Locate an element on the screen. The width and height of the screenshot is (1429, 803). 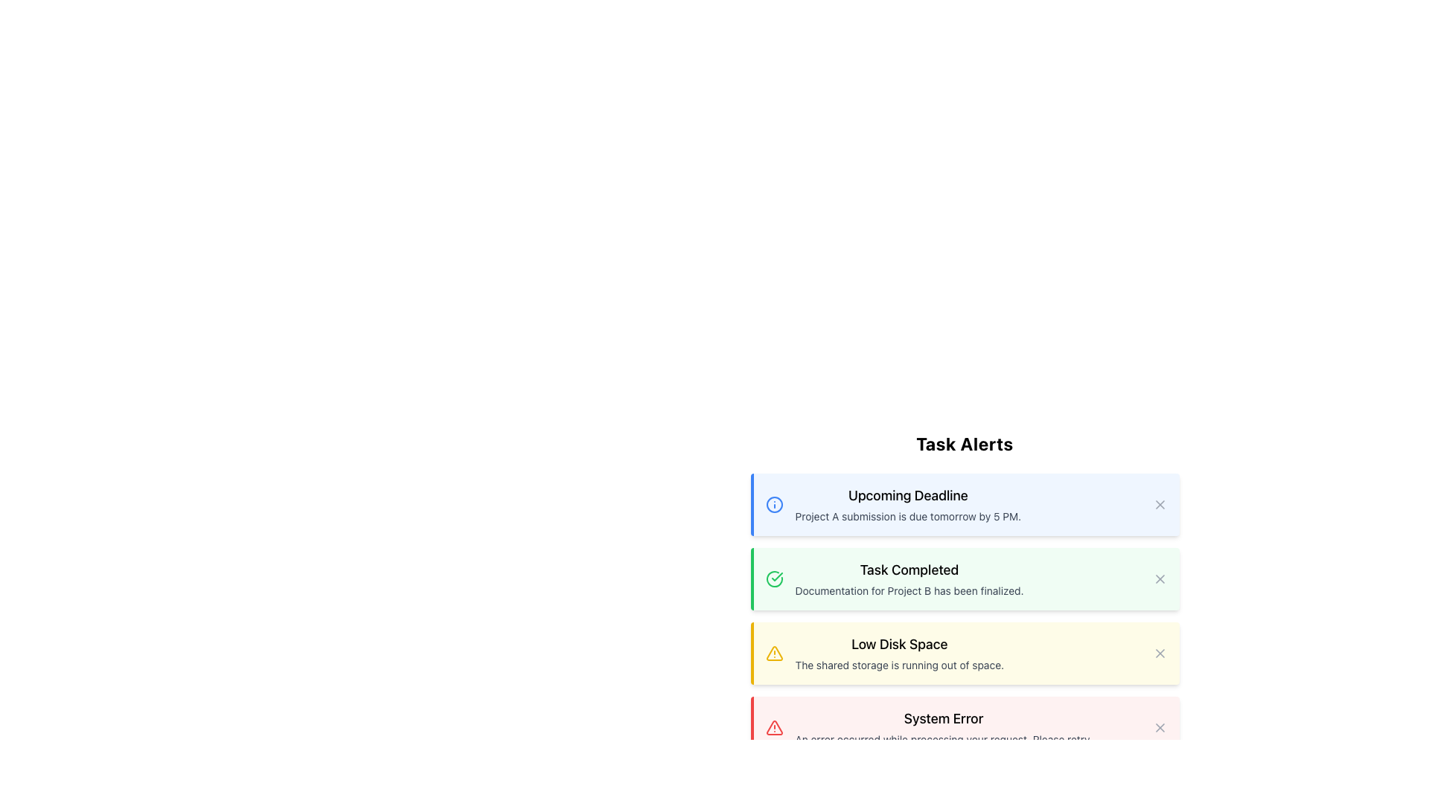
the Notification block that informs about the completion of the task related to Project B is located at coordinates (965, 595).